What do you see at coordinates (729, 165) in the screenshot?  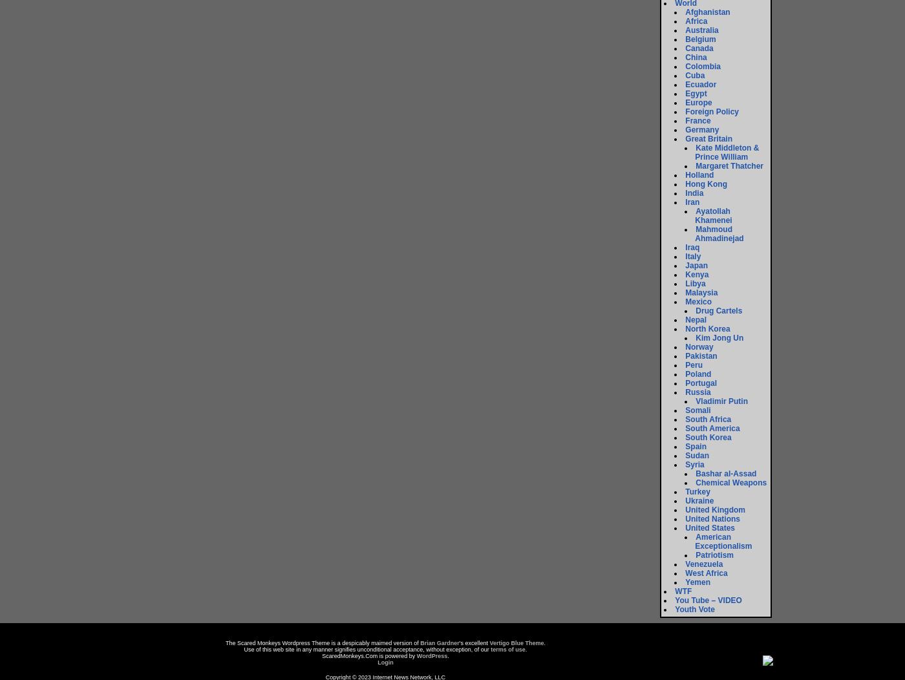 I see `'Margaret Thatcher'` at bounding box center [729, 165].